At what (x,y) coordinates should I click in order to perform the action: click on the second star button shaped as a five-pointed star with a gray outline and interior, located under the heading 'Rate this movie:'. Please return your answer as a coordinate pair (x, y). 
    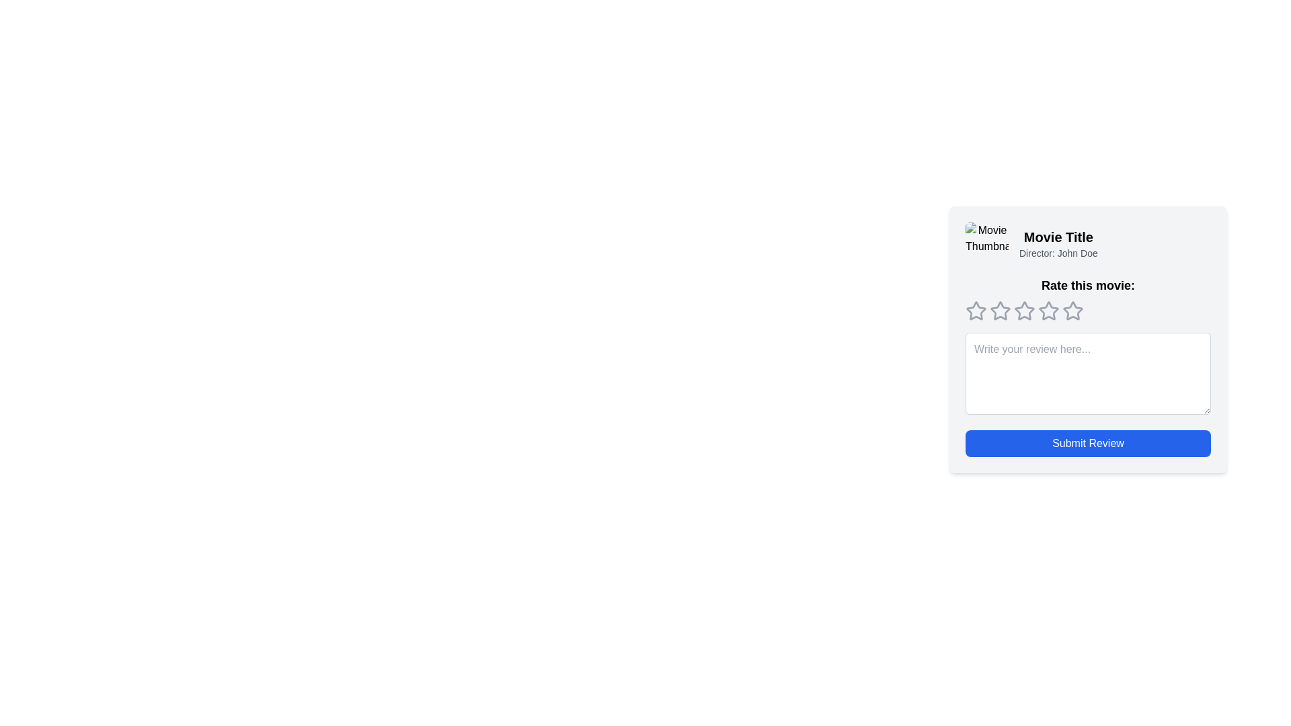
    Looking at the image, I should click on (1001, 311).